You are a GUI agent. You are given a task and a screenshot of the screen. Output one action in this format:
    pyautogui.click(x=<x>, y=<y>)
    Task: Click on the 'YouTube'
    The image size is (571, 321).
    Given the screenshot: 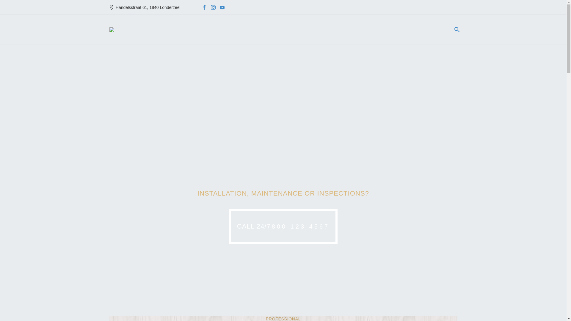 What is the action you would take?
    pyautogui.click(x=217, y=7)
    